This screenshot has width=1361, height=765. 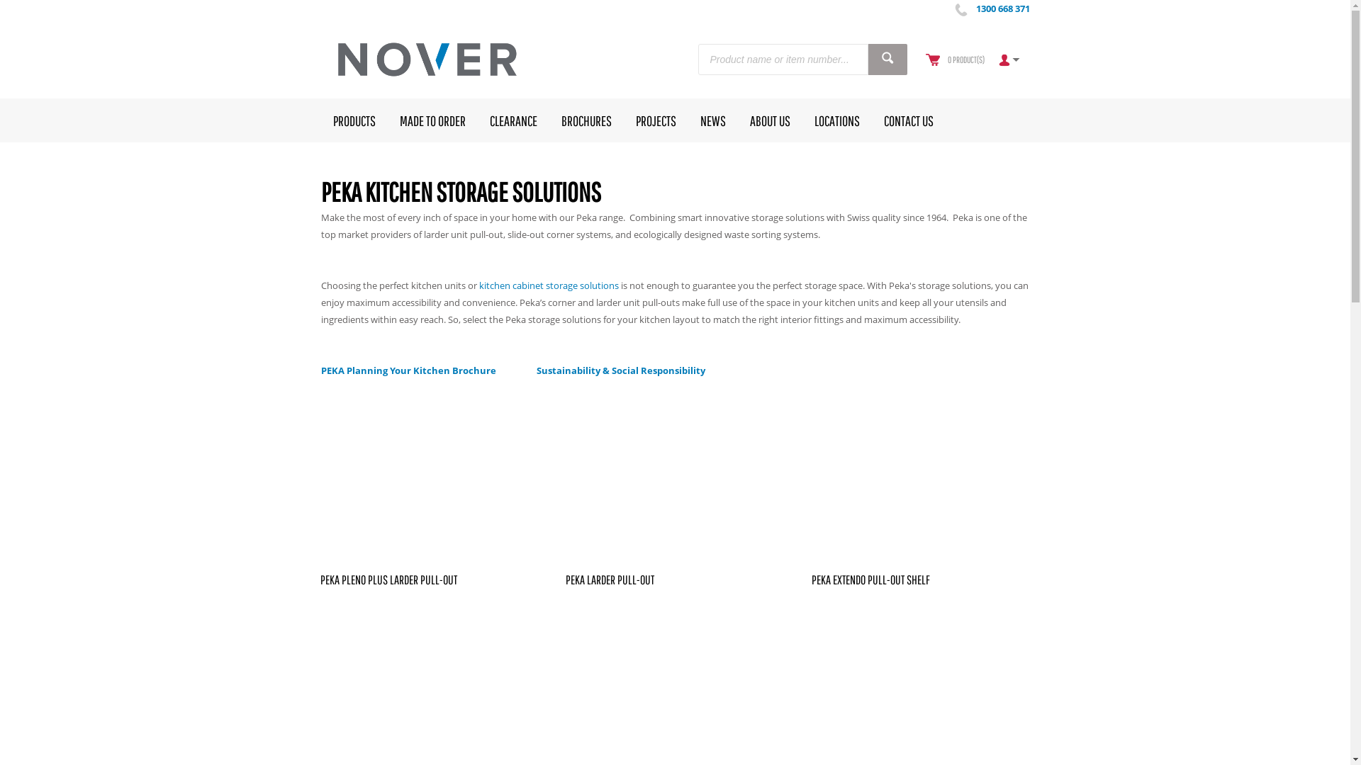 What do you see at coordinates (620, 370) in the screenshot?
I see `'Sustainability & Social Responsibility'` at bounding box center [620, 370].